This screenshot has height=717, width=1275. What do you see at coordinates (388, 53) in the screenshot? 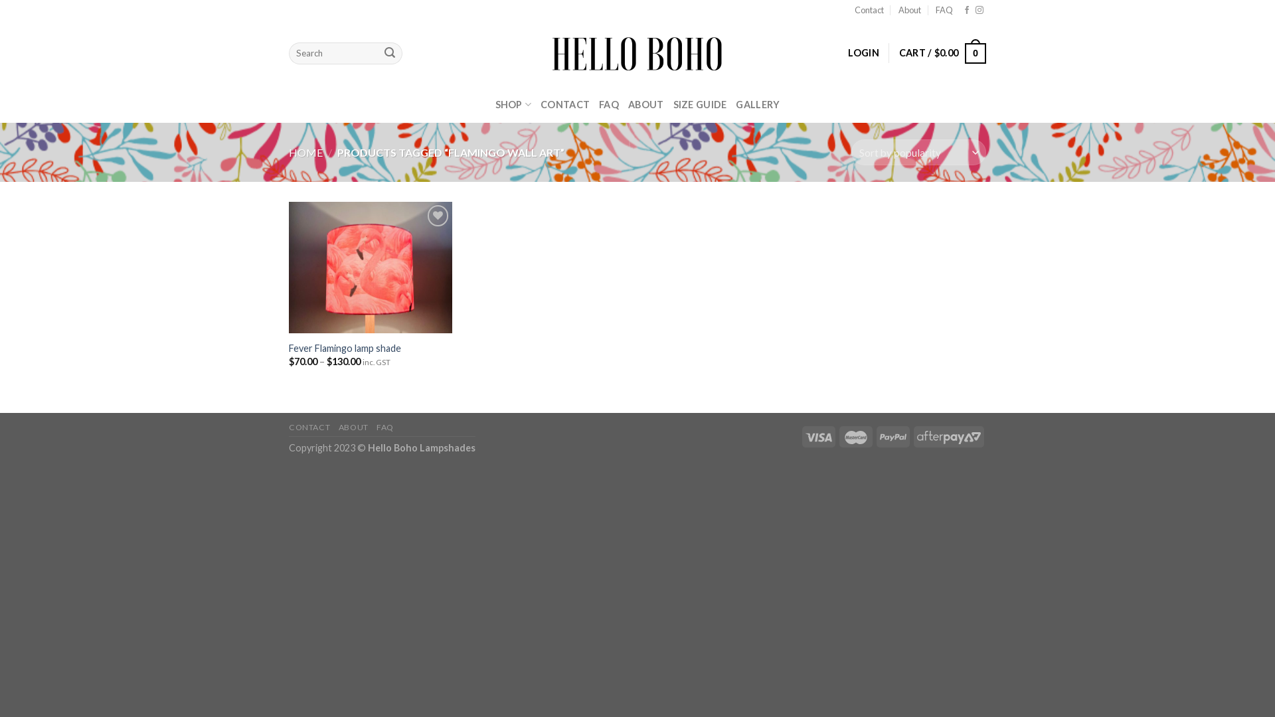
I see `'Search'` at bounding box center [388, 53].